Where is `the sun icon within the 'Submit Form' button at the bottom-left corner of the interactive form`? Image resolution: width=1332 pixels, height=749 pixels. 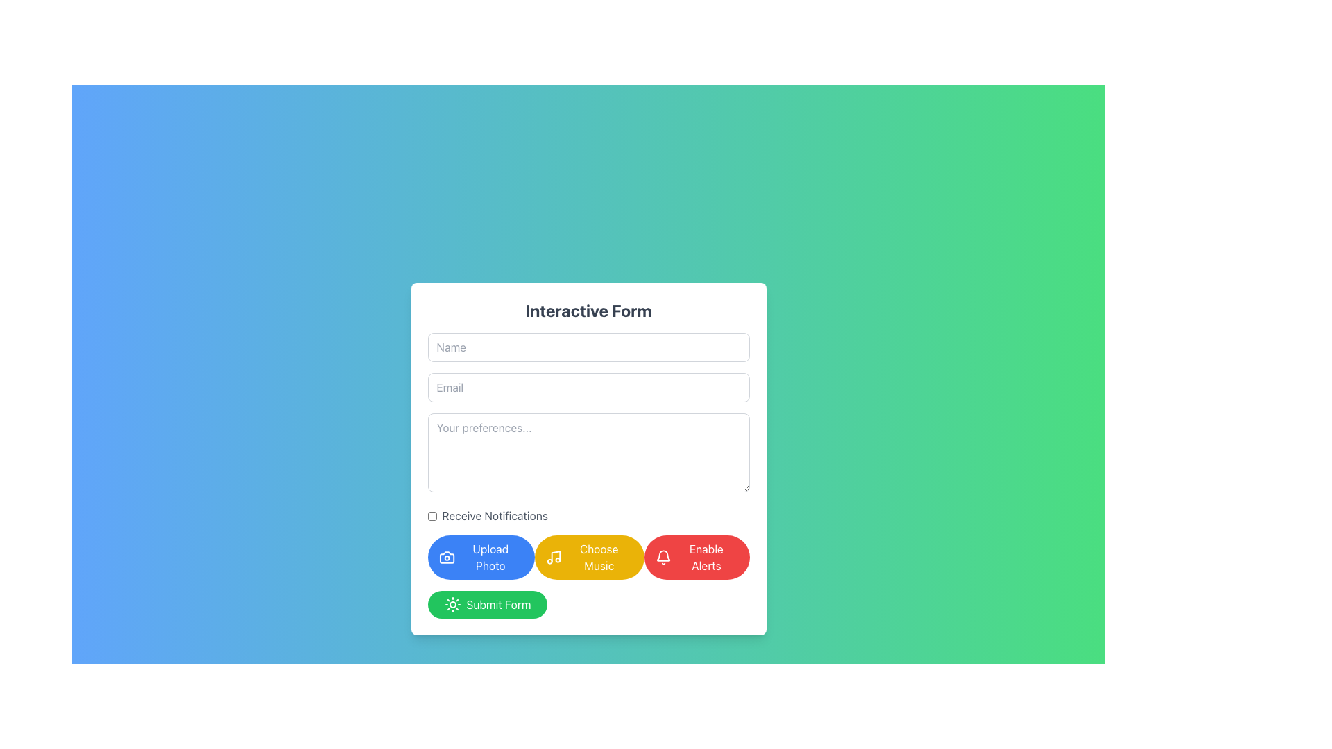 the sun icon within the 'Submit Form' button at the bottom-left corner of the interactive form is located at coordinates (452, 603).